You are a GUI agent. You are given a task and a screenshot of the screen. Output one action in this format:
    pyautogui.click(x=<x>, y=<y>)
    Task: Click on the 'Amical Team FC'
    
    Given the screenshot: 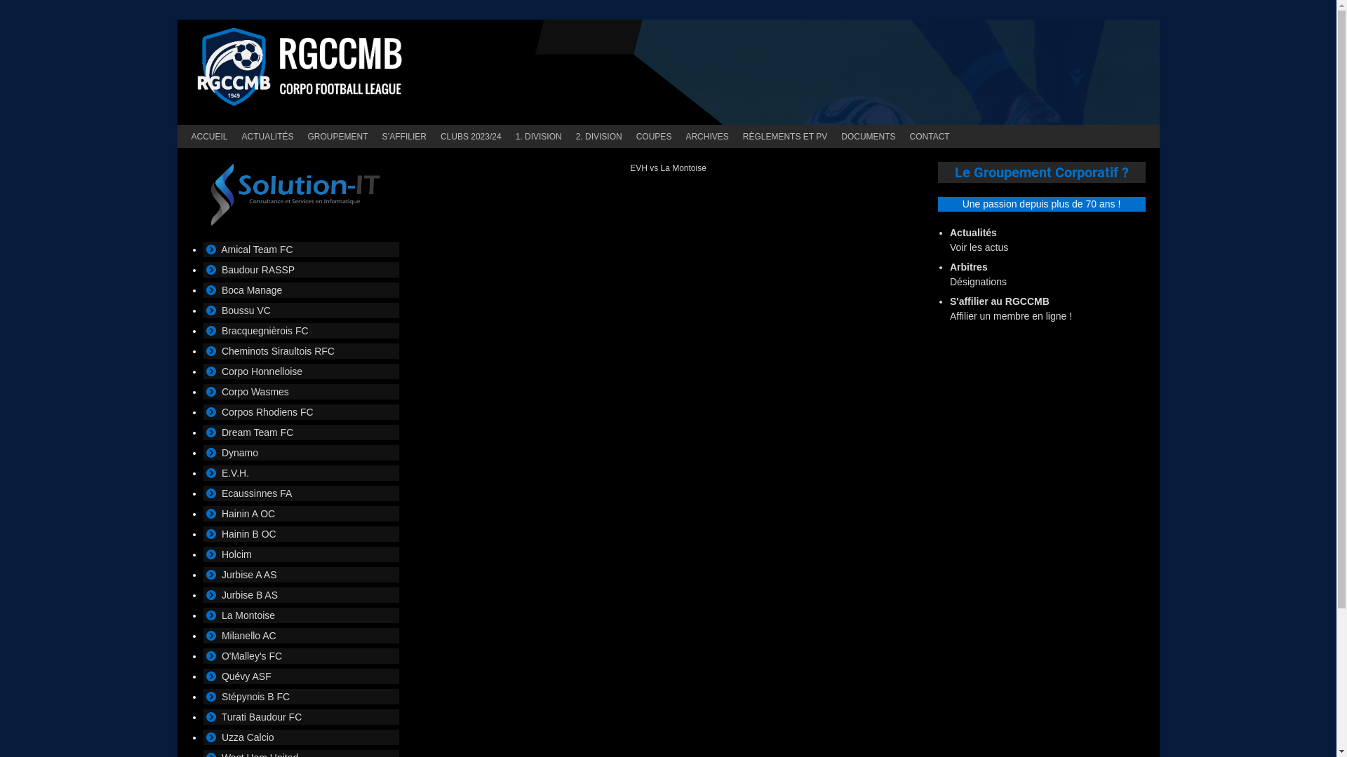 What is the action you would take?
    pyautogui.click(x=256, y=248)
    